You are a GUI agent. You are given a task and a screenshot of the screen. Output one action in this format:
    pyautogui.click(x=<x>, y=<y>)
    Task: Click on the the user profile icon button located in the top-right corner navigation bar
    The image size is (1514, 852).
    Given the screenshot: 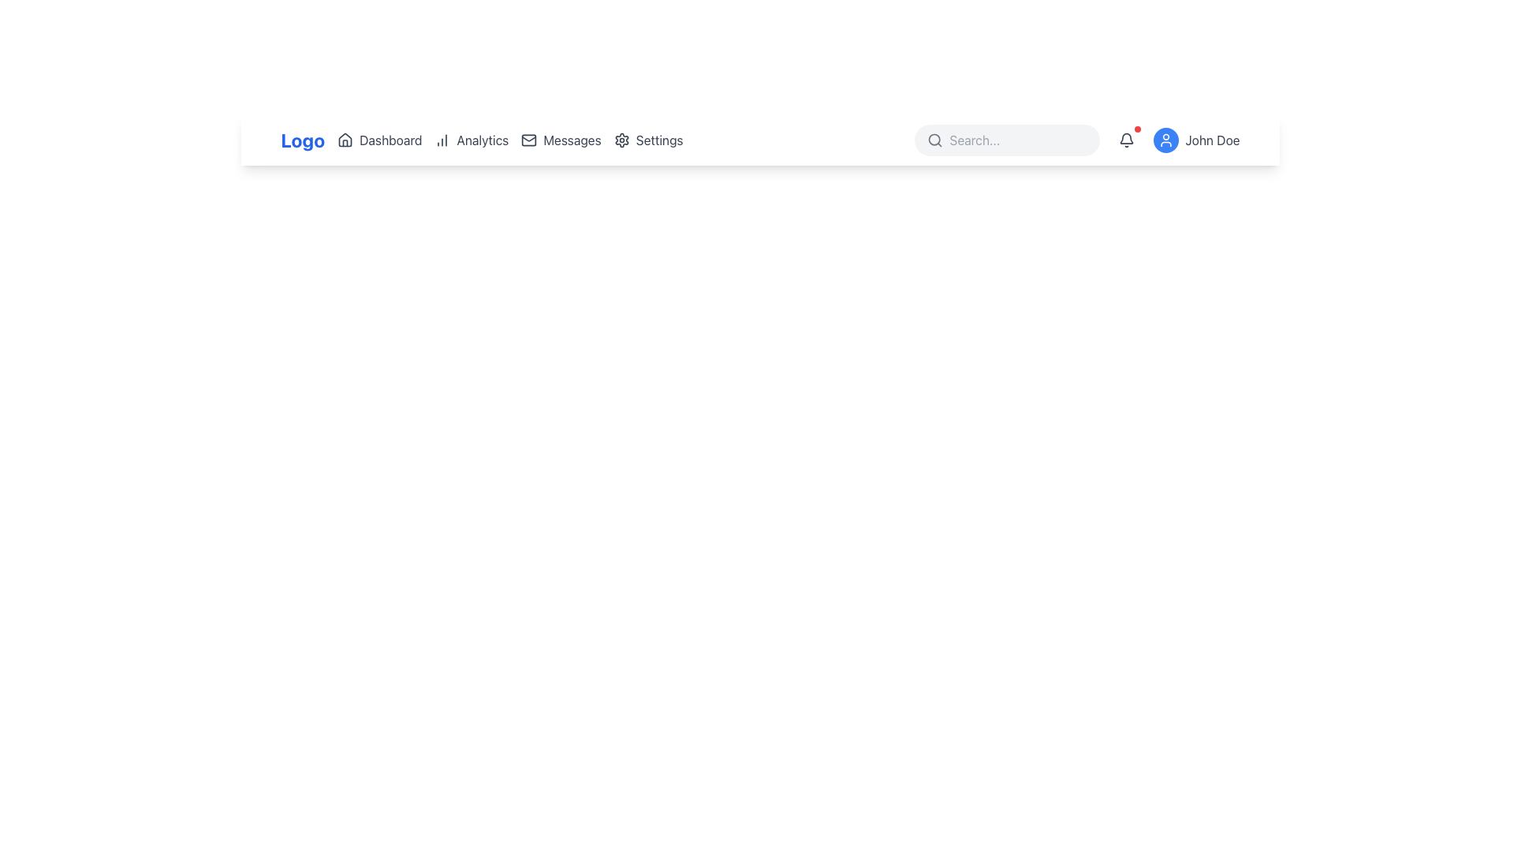 What is the action you would take?
    pyautogui.click(x=1166, y=139)
    